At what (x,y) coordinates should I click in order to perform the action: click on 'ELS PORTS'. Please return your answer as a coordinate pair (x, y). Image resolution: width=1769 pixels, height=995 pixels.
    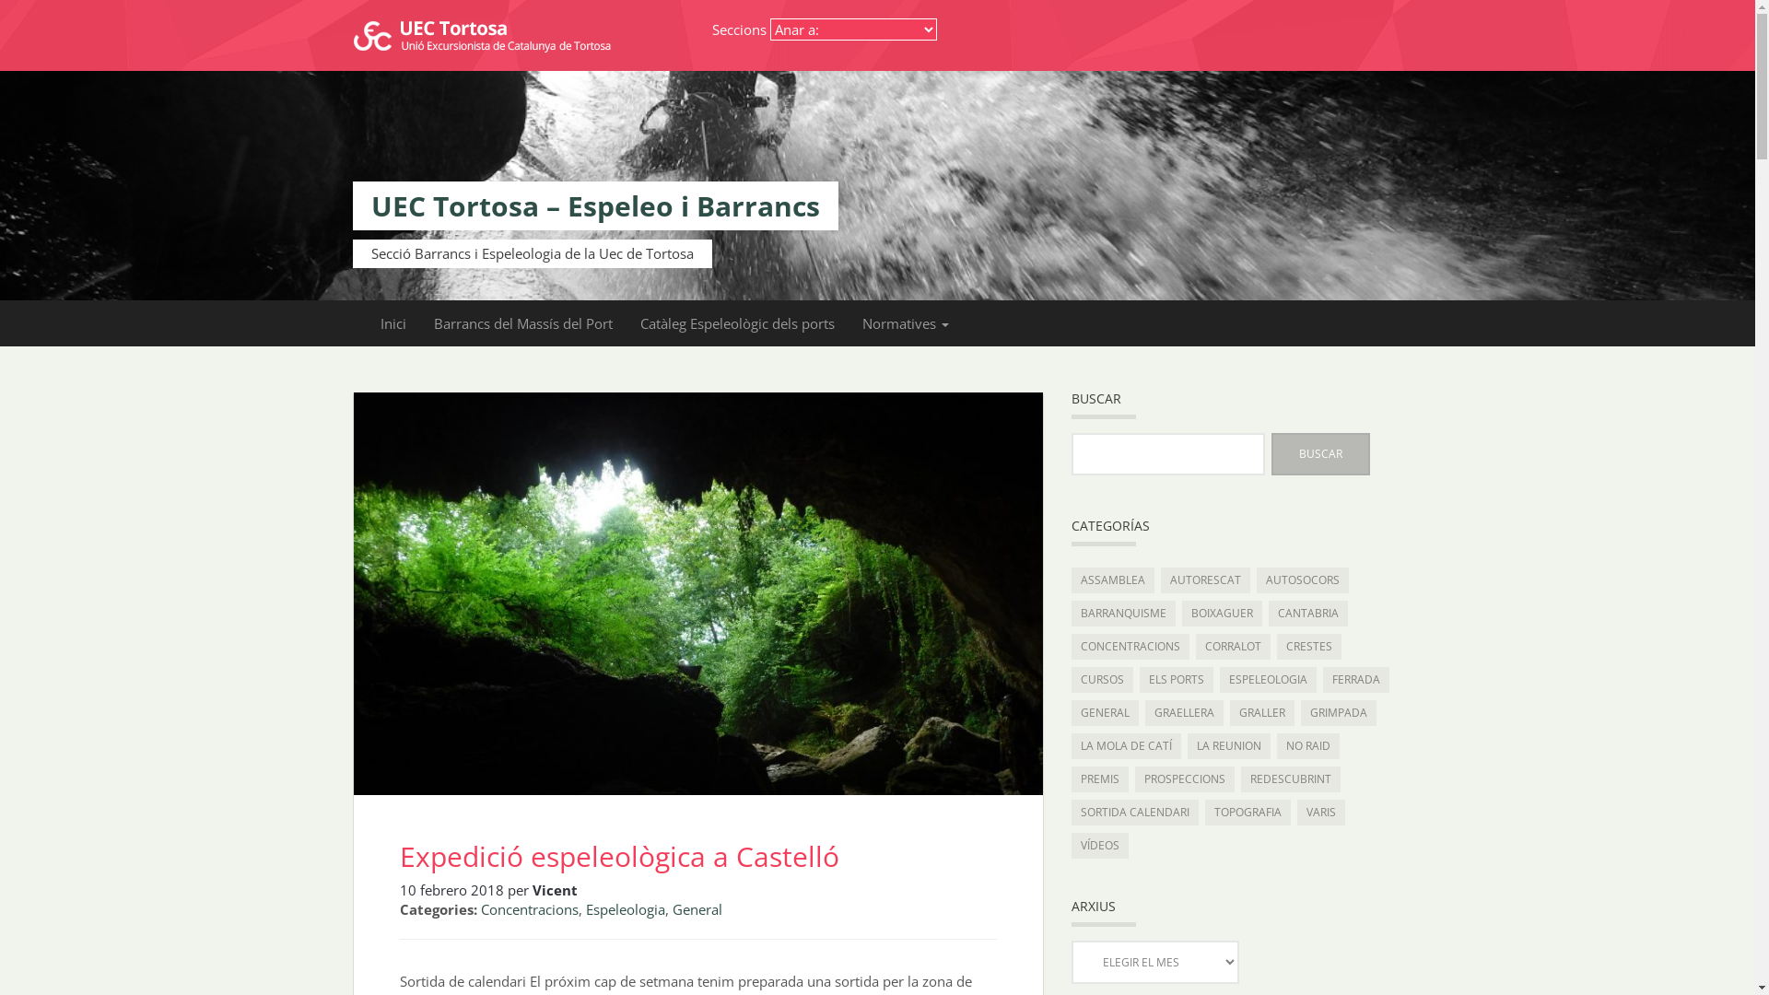
    Looking at the image, I should click on (1175, 679).